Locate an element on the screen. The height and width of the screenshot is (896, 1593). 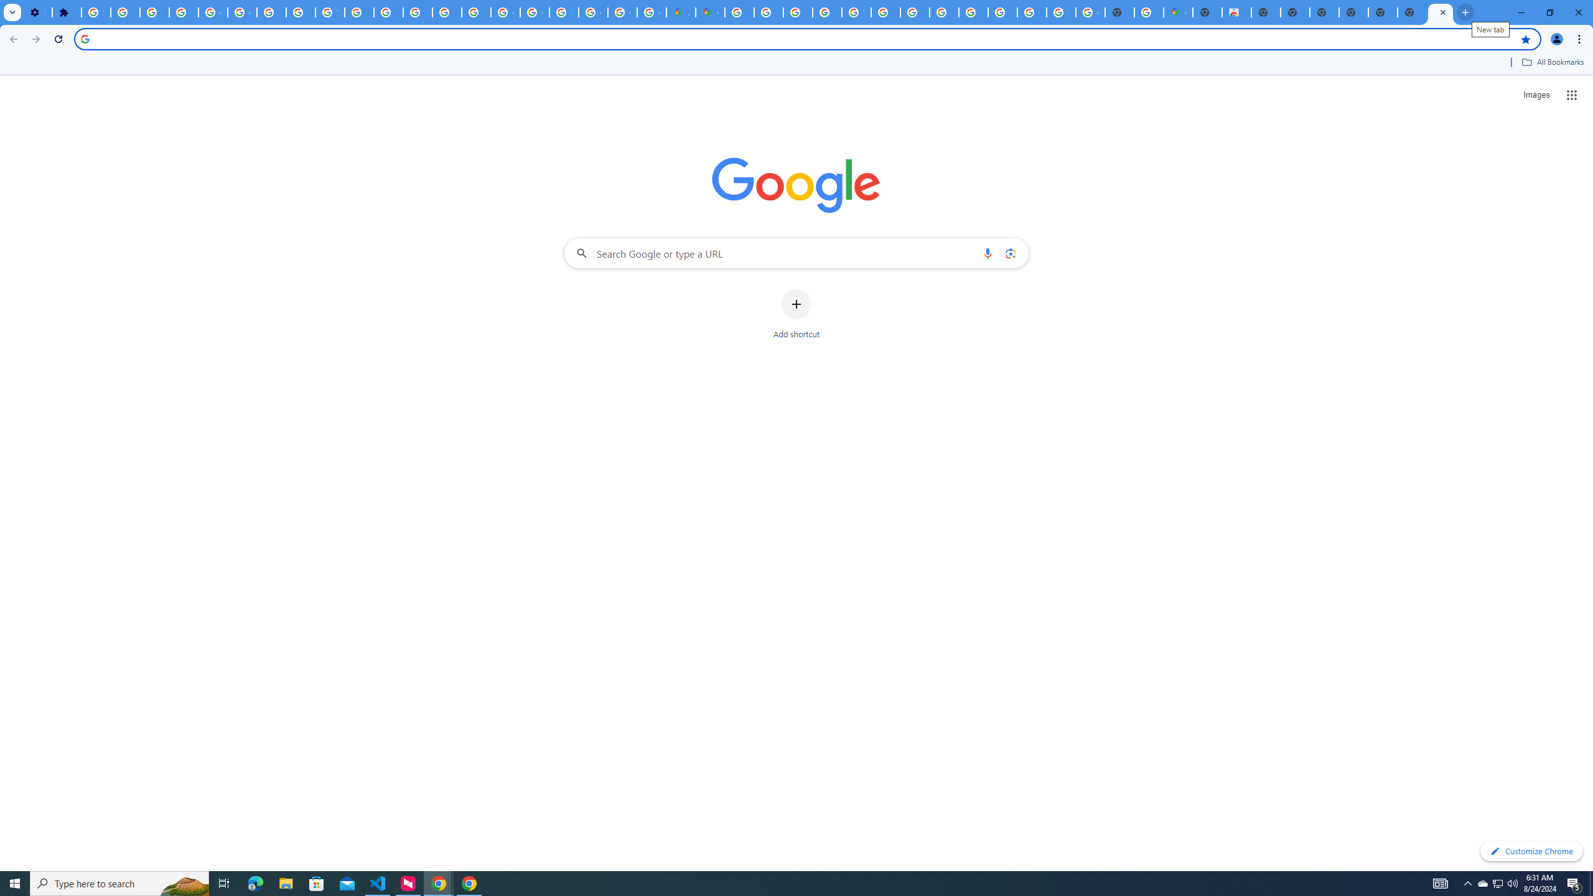
'Settings - On startup' is located at coordinates (37, 12).